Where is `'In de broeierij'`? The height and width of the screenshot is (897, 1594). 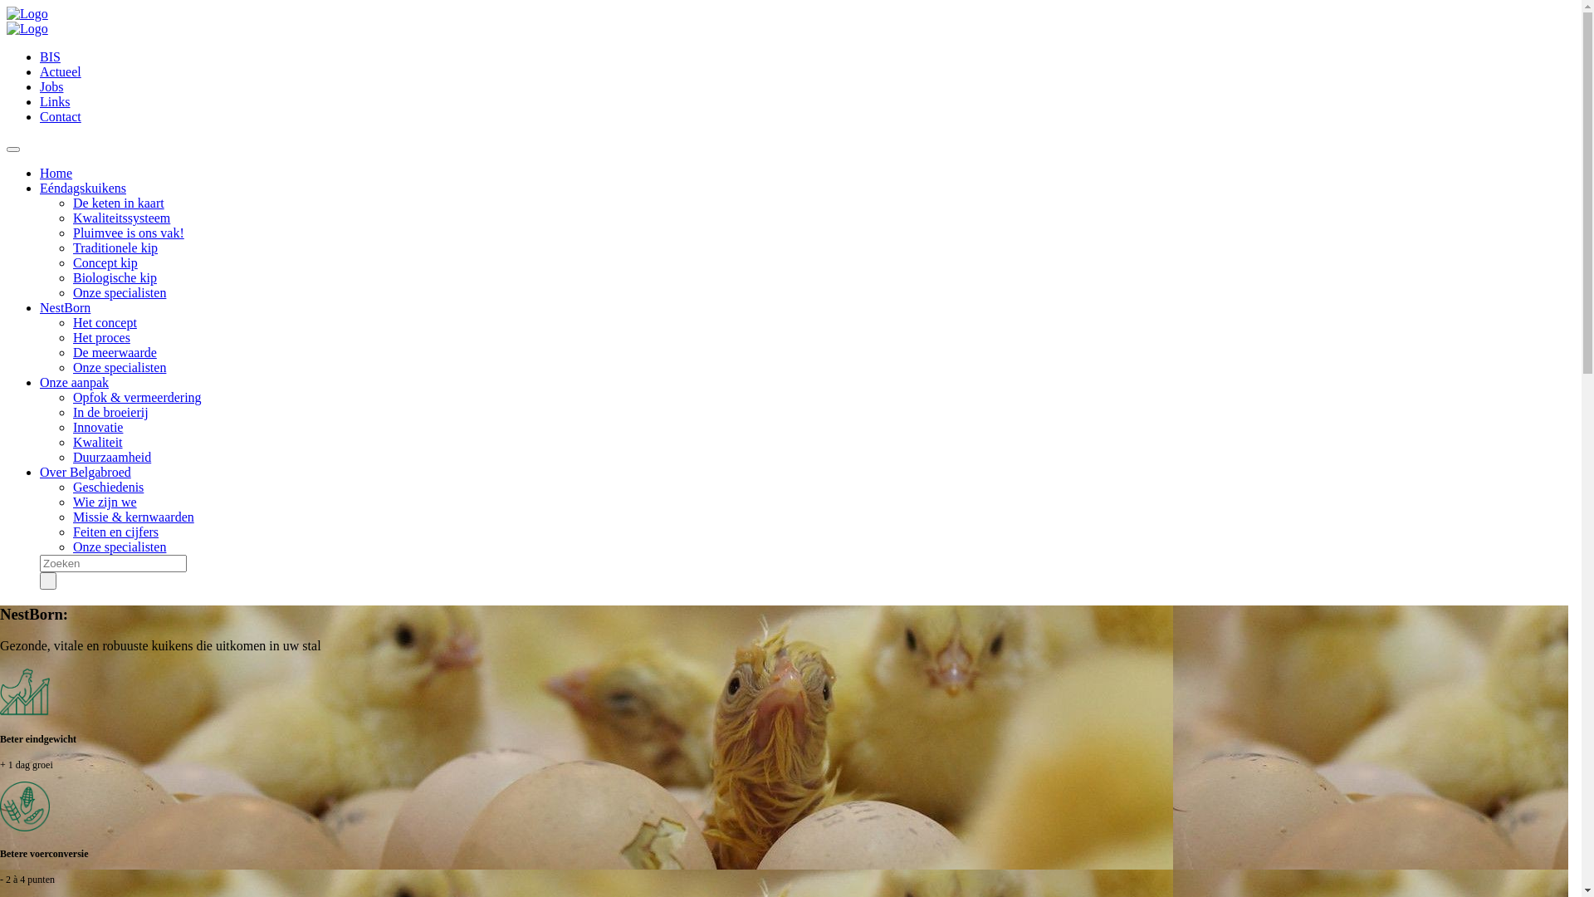
'In de broeierij' is located at coordinates (71, 411).